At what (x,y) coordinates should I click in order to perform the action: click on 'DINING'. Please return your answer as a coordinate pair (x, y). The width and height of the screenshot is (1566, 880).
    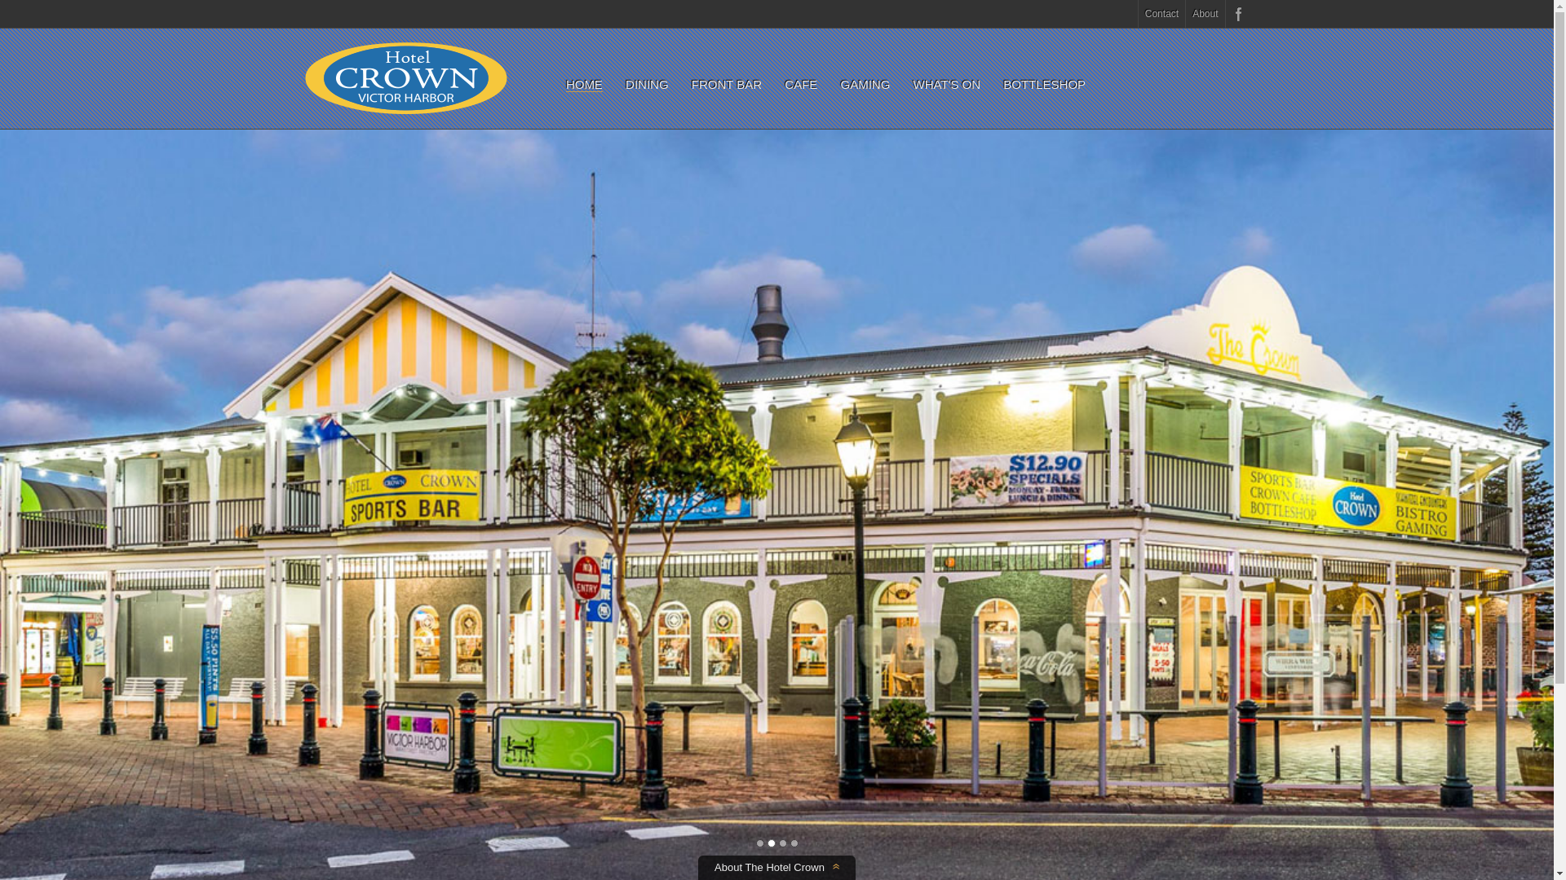
    Looking at the image, I should click on (646, 84).